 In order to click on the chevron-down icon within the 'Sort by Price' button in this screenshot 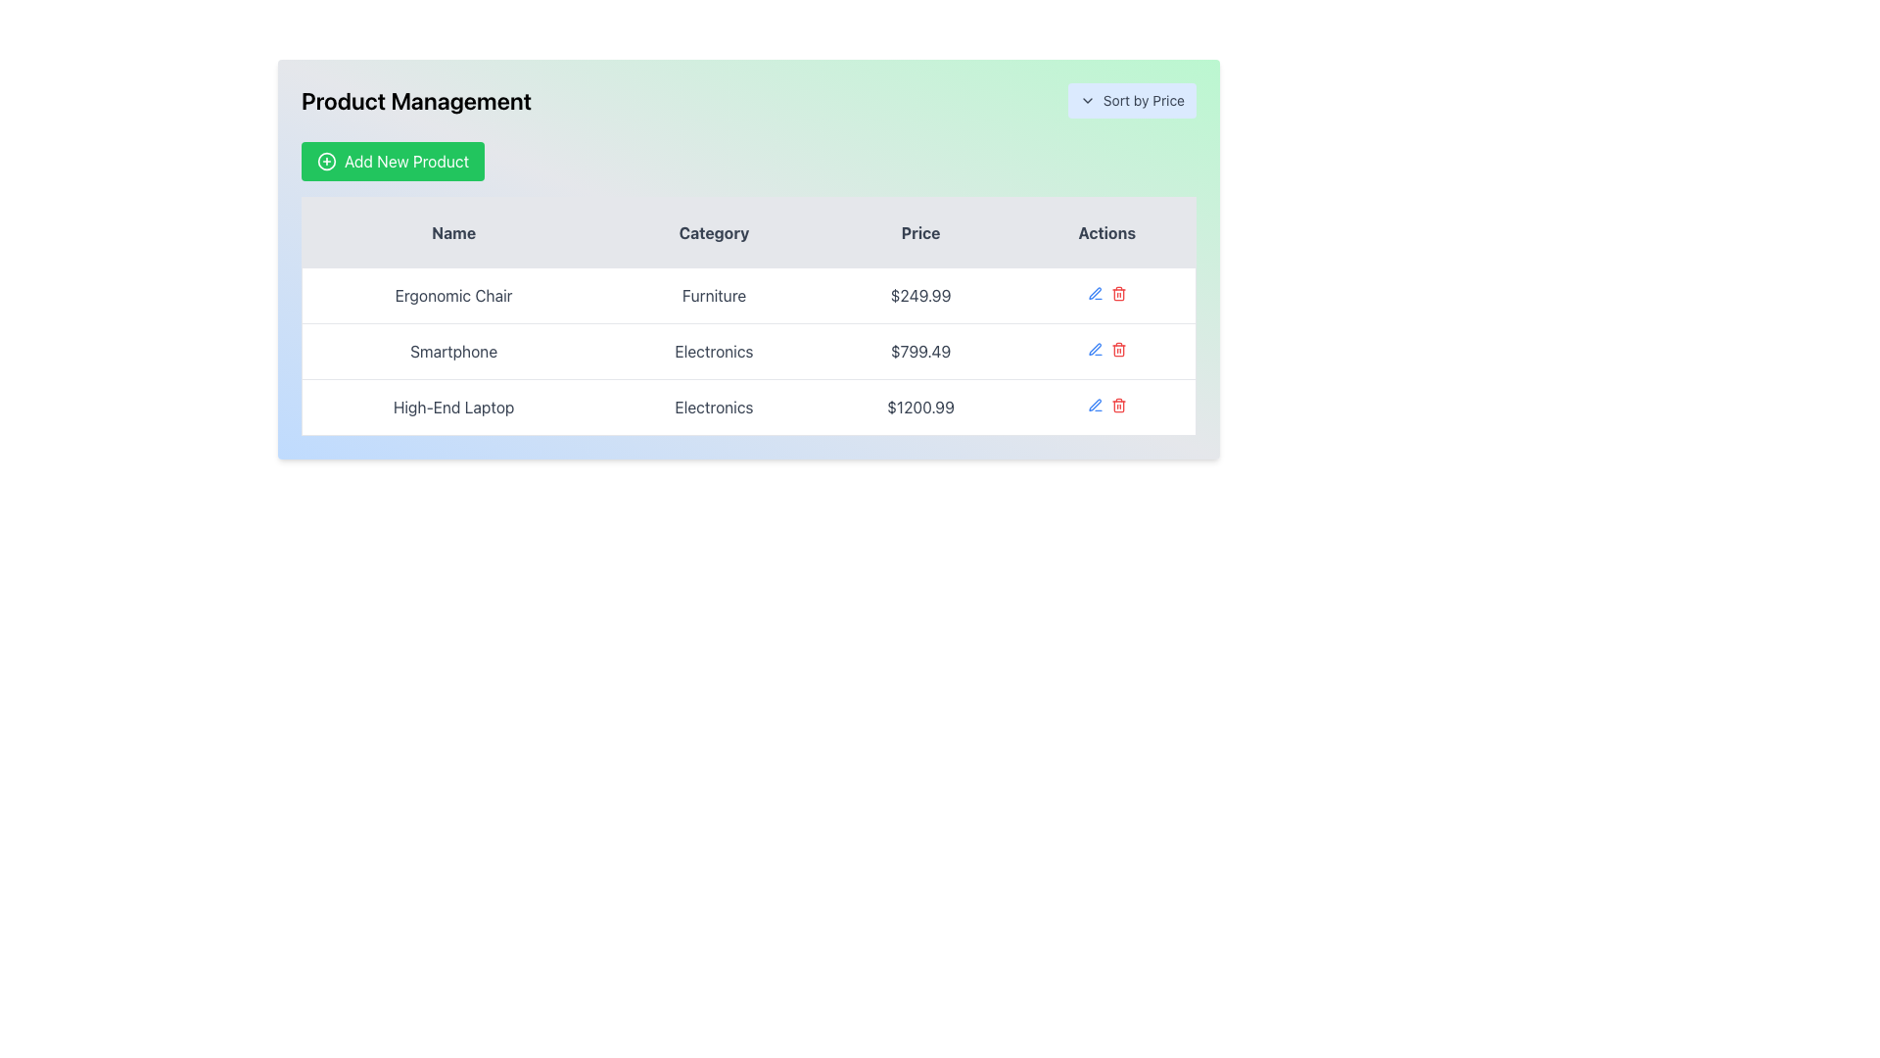, I will do `click(1086, 101)`.